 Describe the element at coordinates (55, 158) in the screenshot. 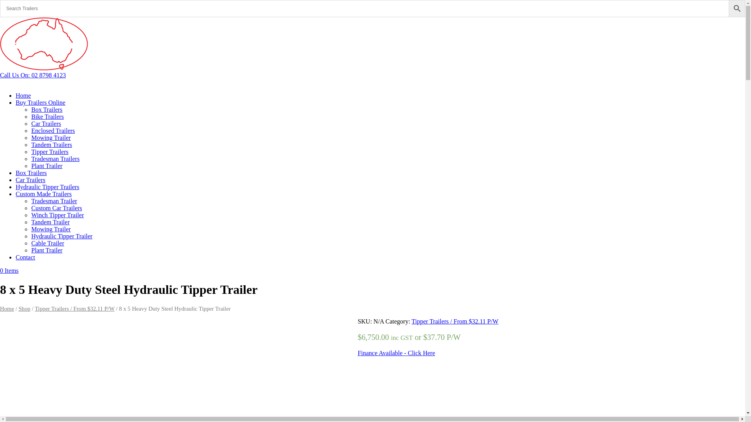

I see `'Tradesman Trailers'` at that location.